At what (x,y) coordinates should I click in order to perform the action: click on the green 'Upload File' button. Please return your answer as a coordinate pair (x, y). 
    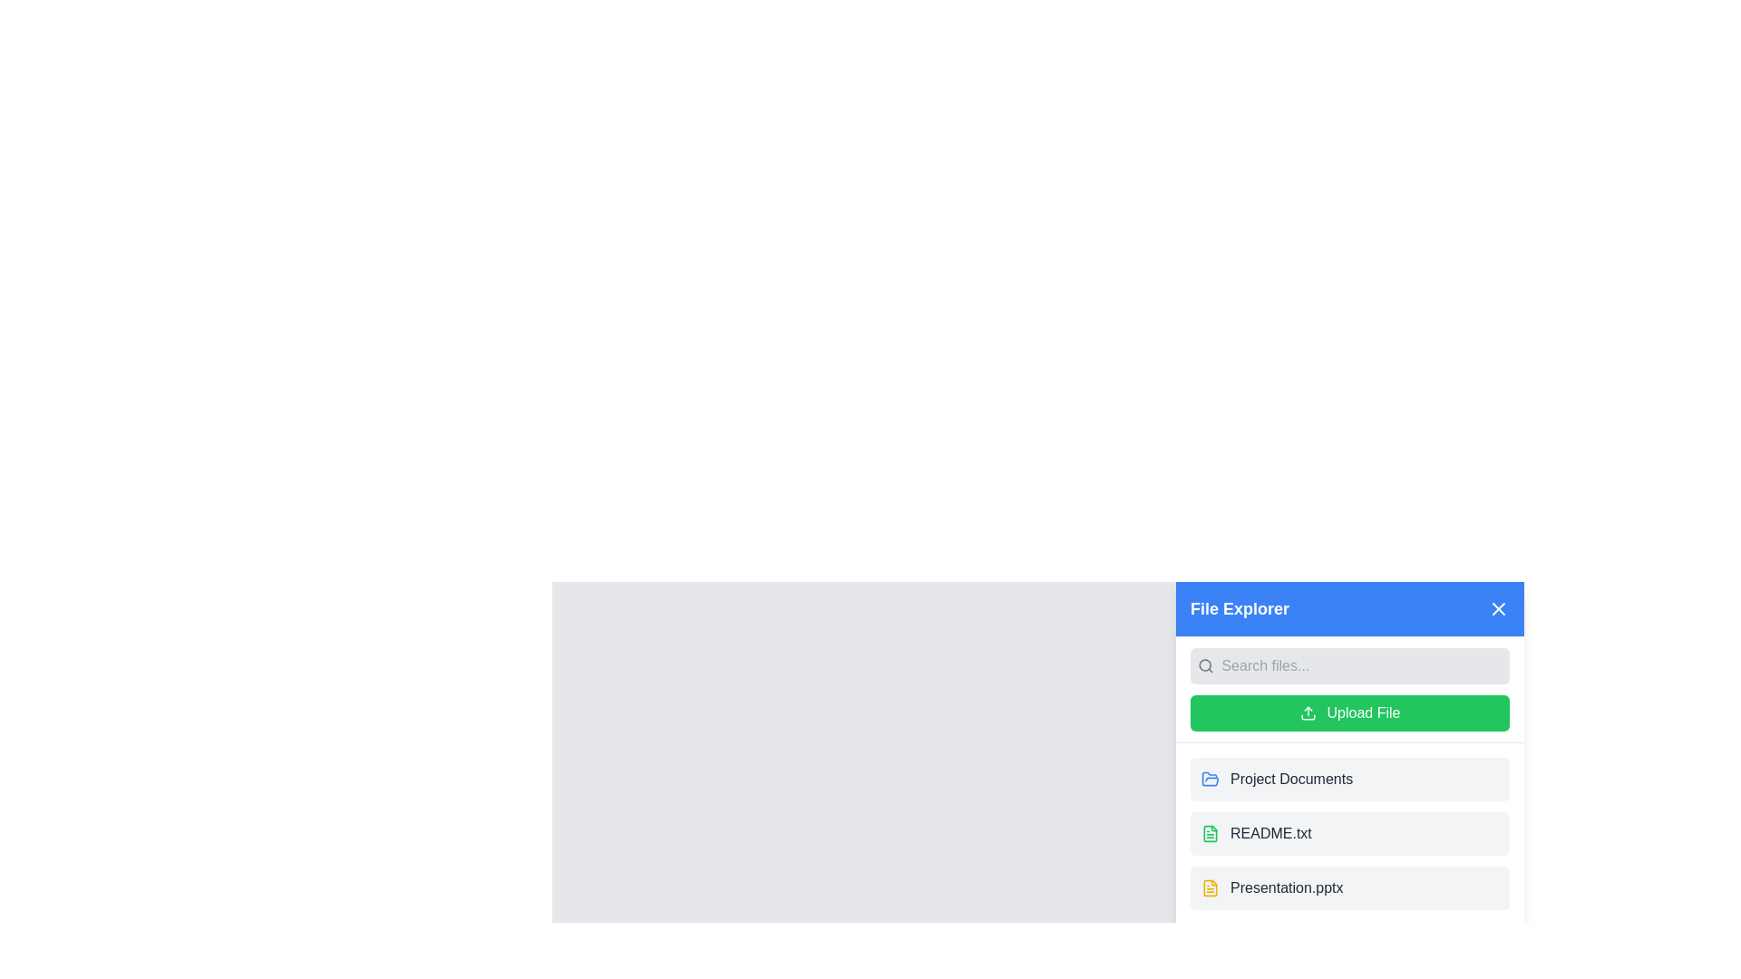
    Looking at the image, I should click on (1349, 690).